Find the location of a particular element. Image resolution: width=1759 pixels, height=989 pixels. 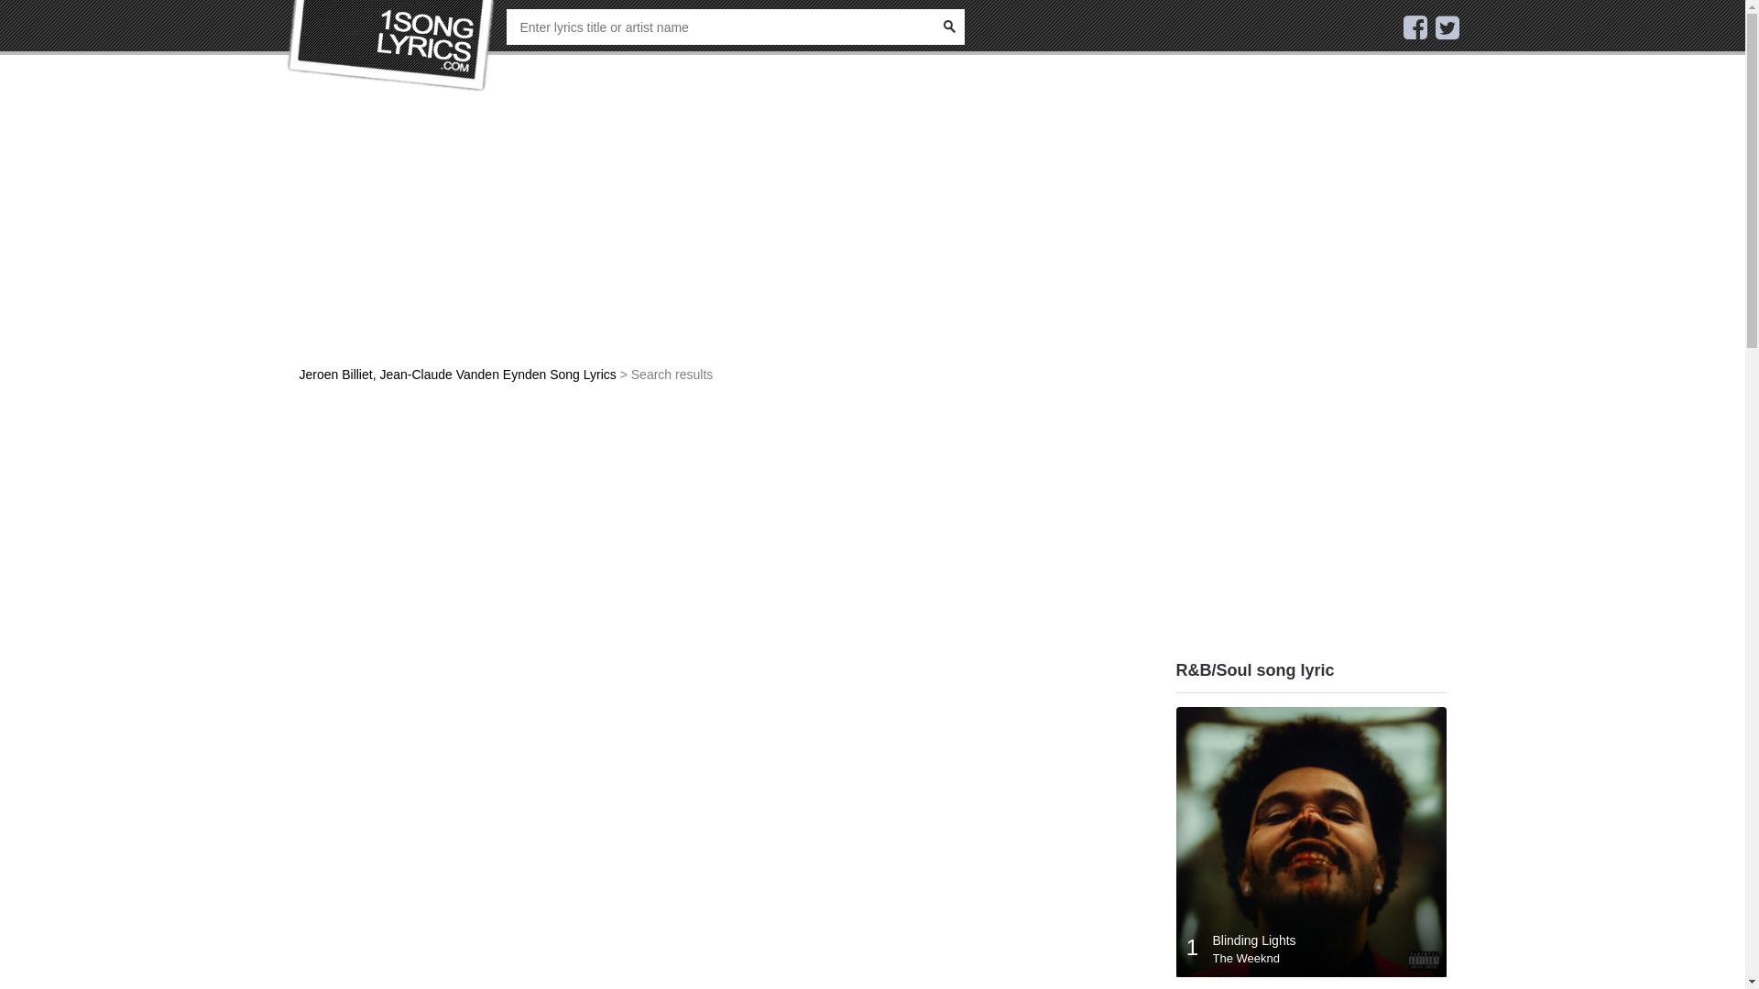

'Search' is located at coordinates (948, 27).